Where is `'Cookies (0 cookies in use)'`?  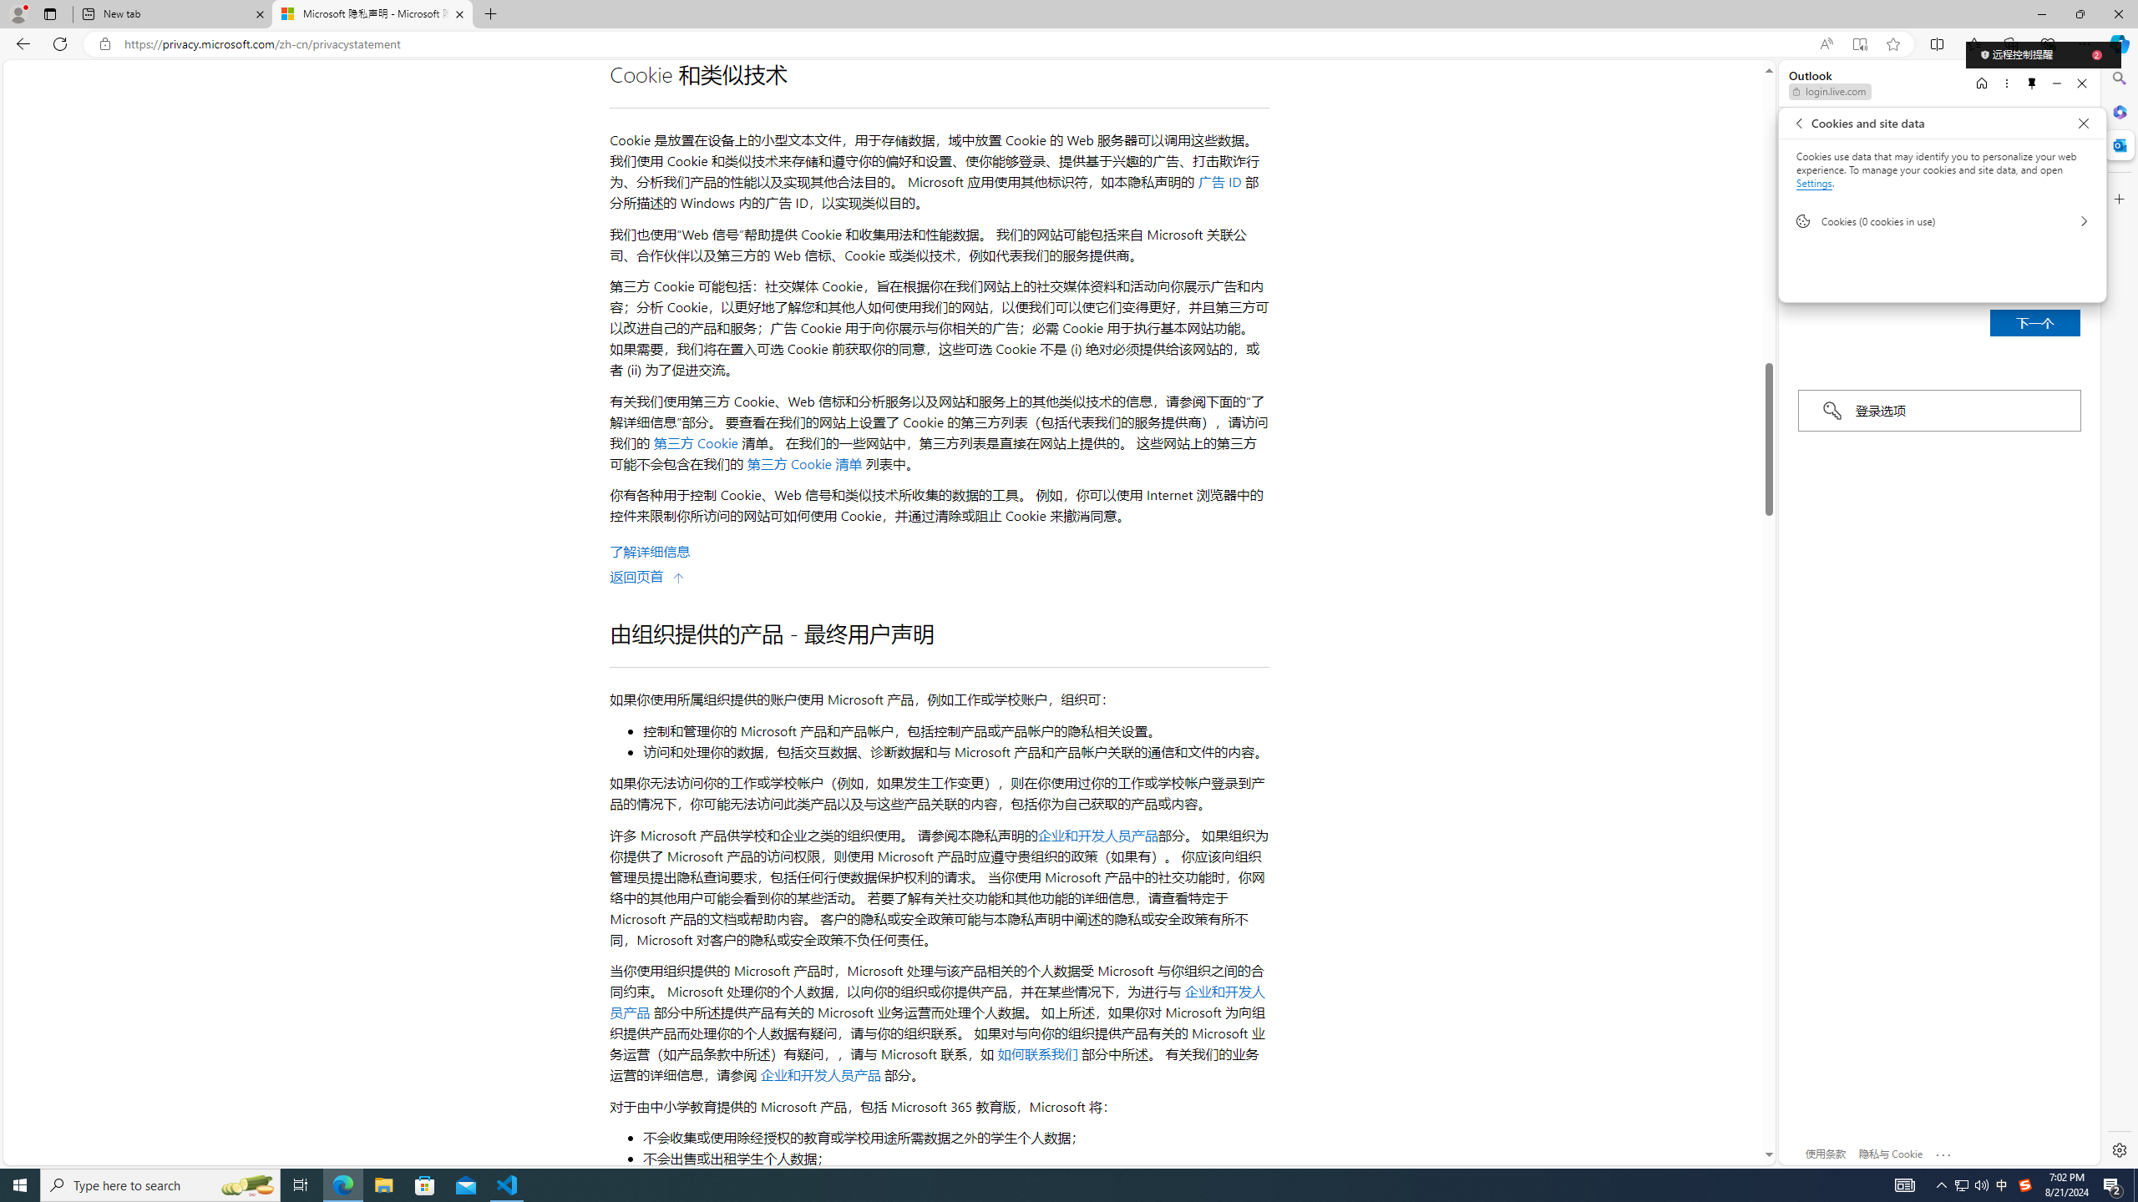
'Cookies (0 cookies in use)' is located at coordinates (1941, 220).